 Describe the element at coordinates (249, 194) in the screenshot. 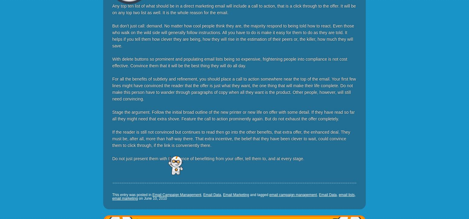

I see `'and tagged'` at that location.